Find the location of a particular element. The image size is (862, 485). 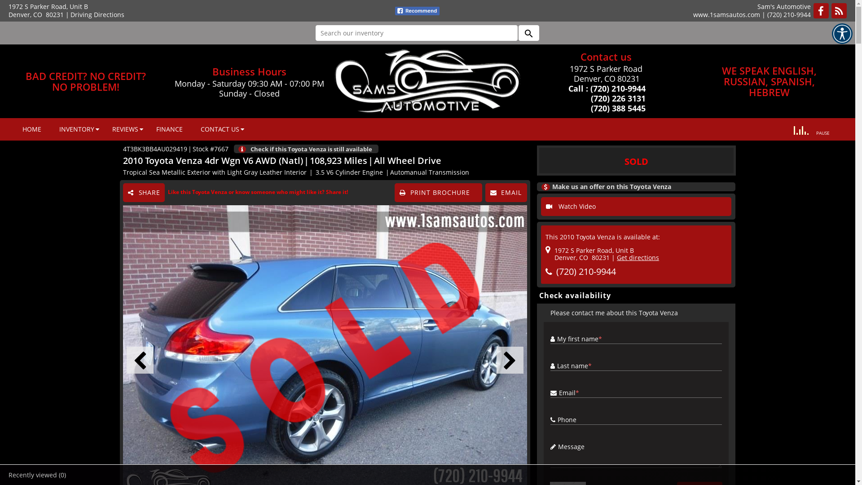

'HOME' is located at coordinates (32, 129).